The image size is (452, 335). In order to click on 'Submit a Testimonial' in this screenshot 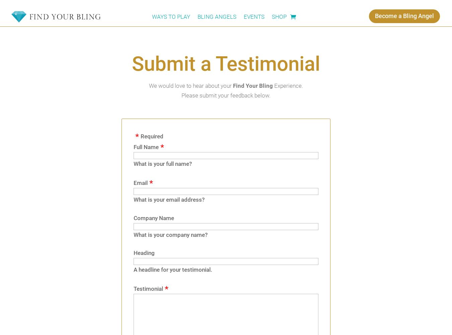, I will do `click(226, 63)`.